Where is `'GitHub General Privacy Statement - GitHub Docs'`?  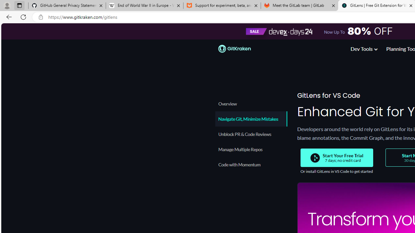
'GitHub General Privacy Statement - GitHub Docs' is located at coordinates (67, 6).